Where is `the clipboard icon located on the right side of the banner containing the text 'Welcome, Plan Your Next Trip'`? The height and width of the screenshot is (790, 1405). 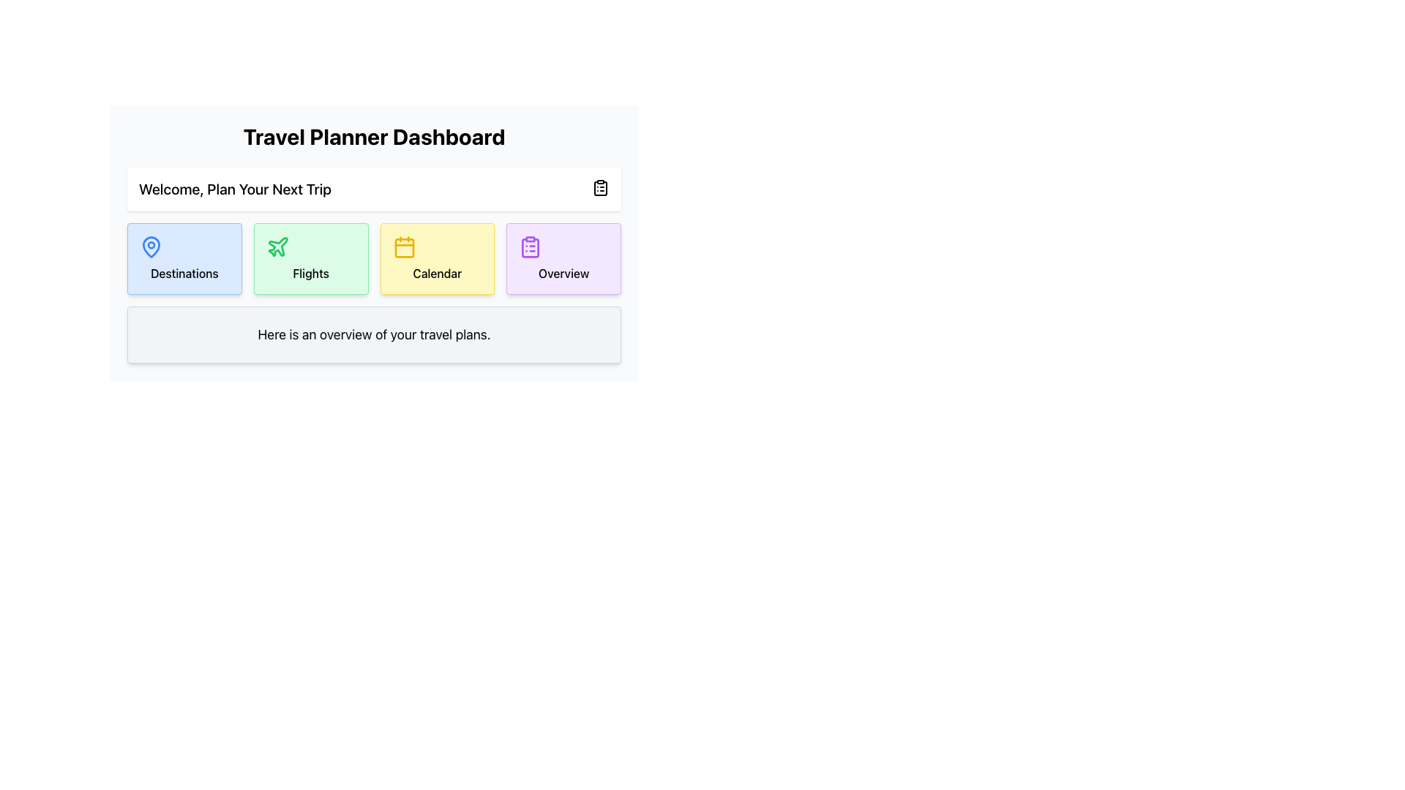
the clipboard icon located on the right side of the banner containing the text 'Welcome, Plan Your Next Trip' is located at coordinates (374, 188).